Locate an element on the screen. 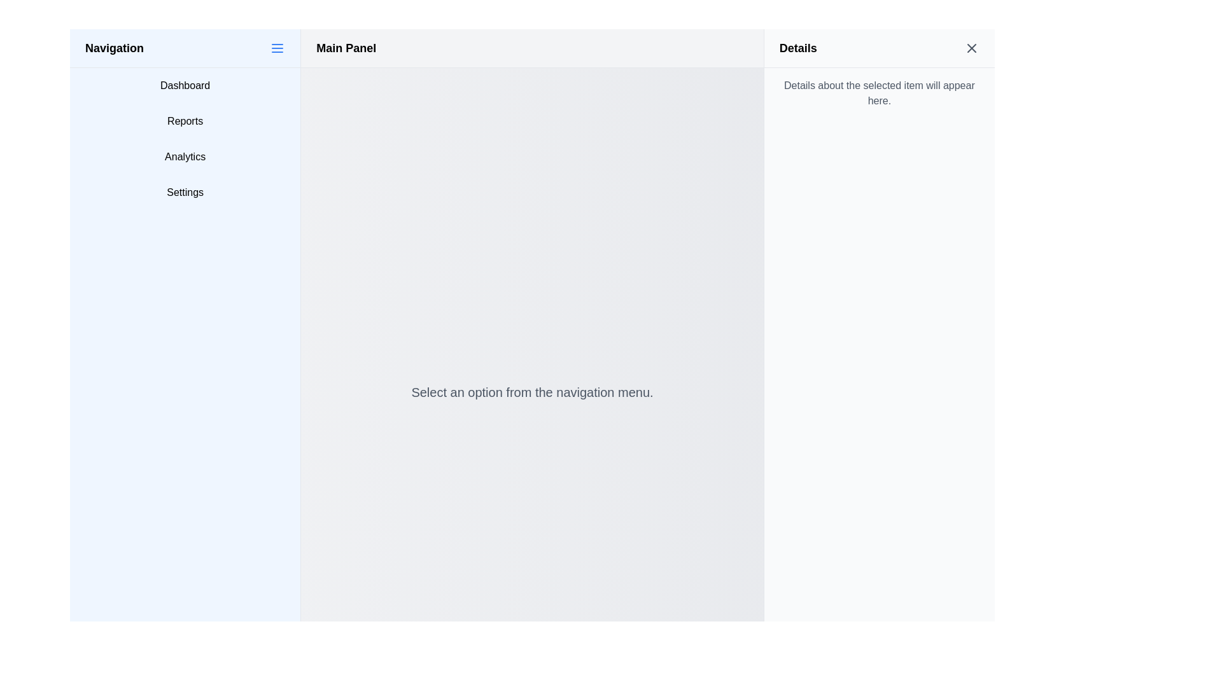 This screenshot has width=1222, height=687. the static text element labeled 'Details' that is styled in bold and located in the top-right header section of the interface is located at coordinates (797, 48).